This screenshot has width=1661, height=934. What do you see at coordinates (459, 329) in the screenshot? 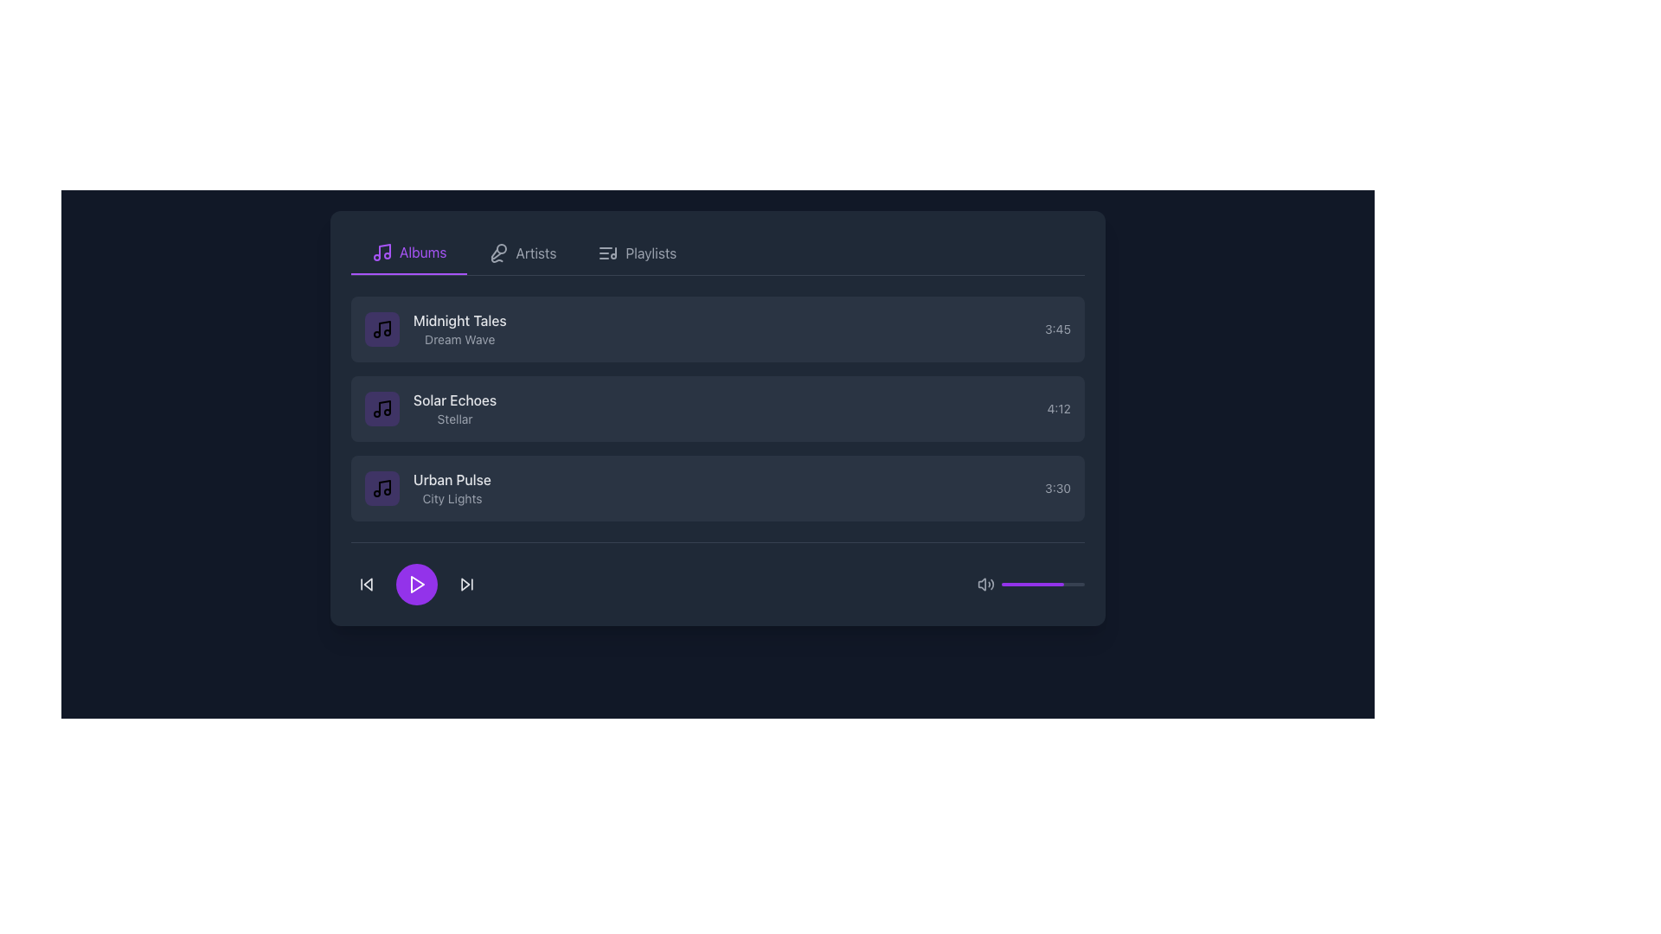
I see `the 'Midnight Tales' text in the Albums section` at bounding box center [459, 329].